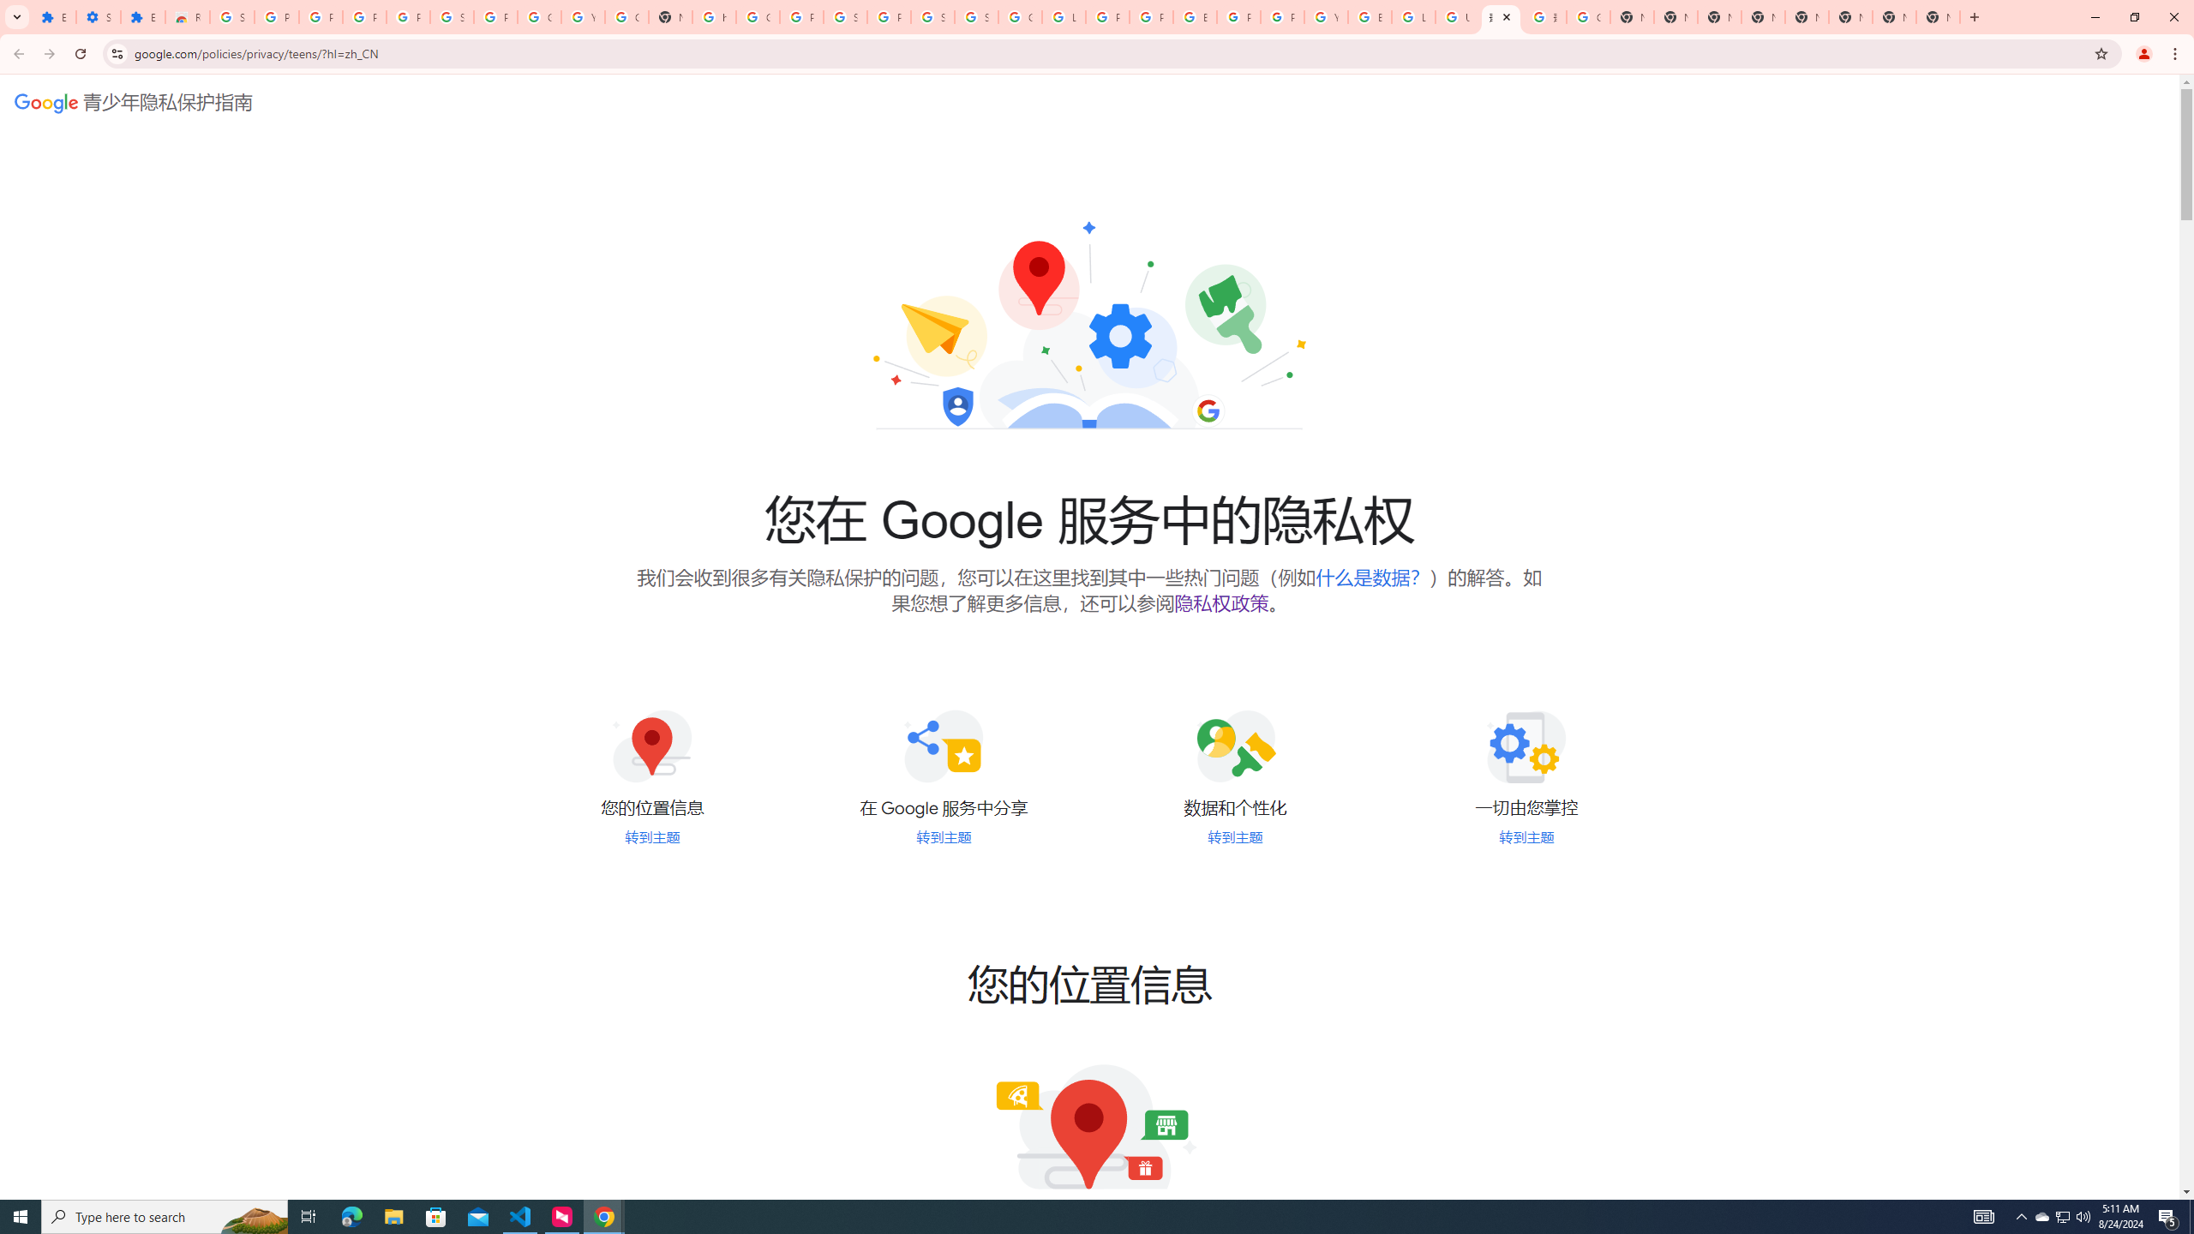 Image resolution: width=2194 pixels, height=1234 pixels. Describe the element at coordinates (1106, 16) in the screenshot. I see `'Privacy Help Center - Policies Help'` at that location.